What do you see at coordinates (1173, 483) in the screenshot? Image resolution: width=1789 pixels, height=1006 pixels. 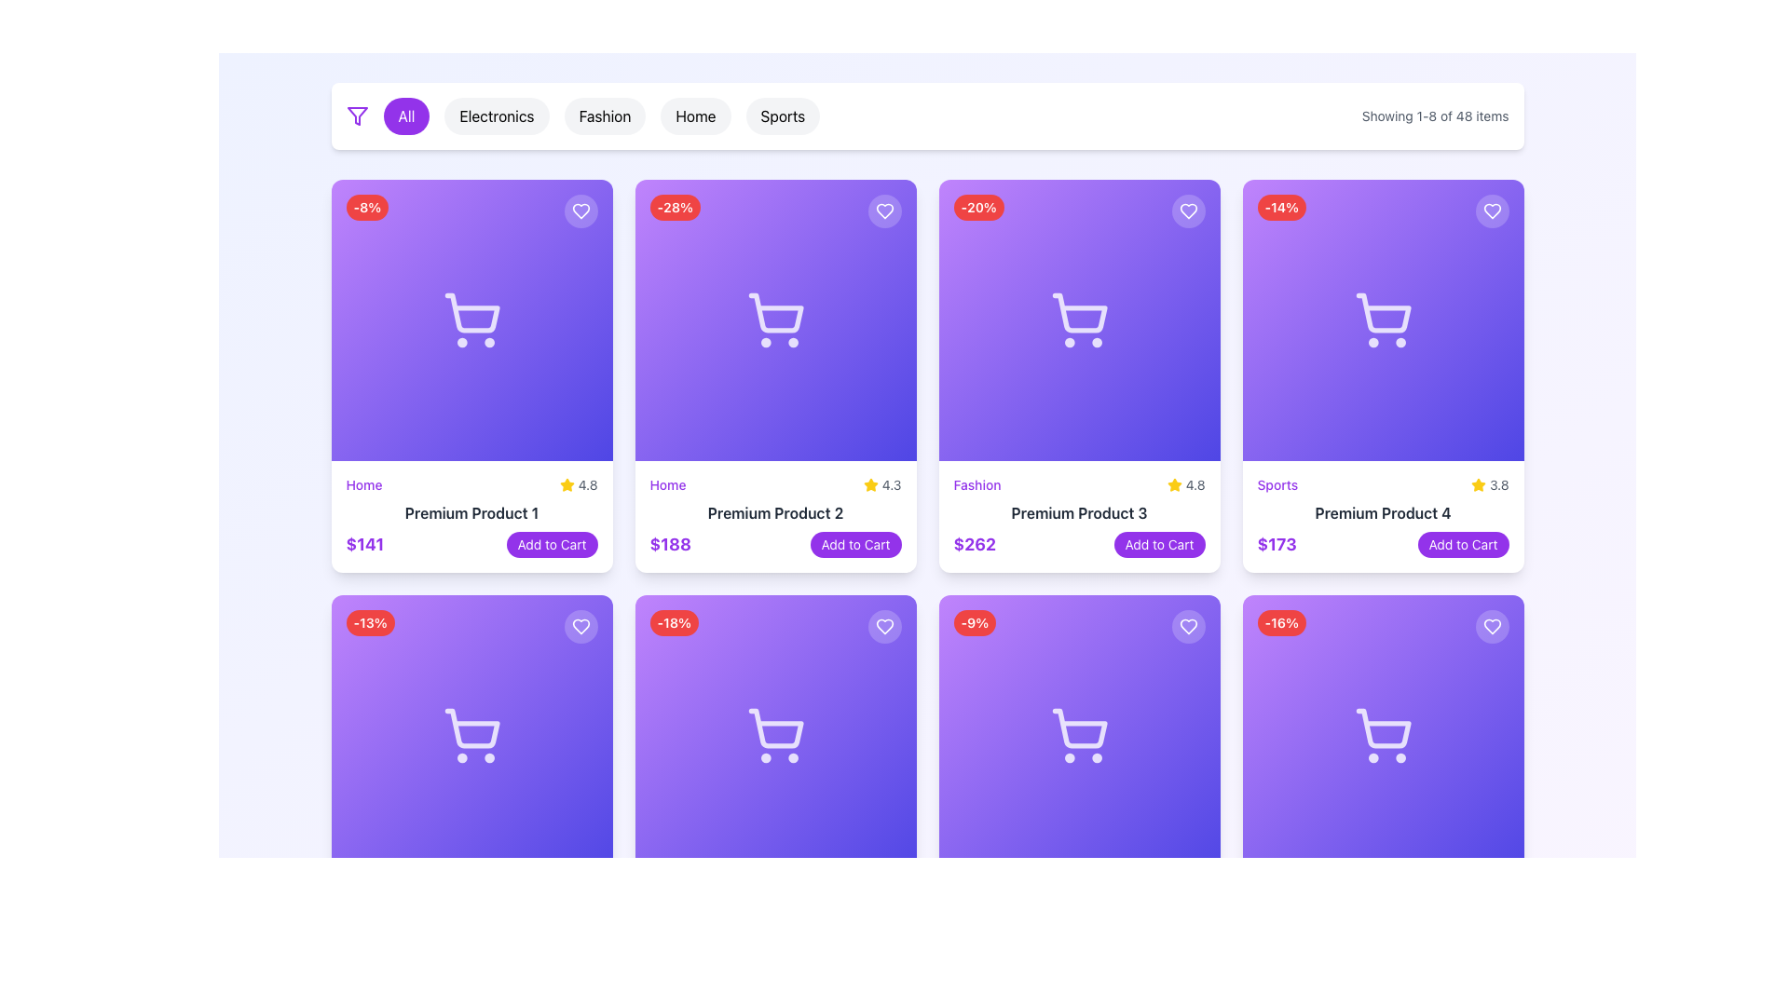 I see `the star-shaped yellow icon located in the third card of the top row under the title 'Fashion'` at bounding box center [1173, 483].